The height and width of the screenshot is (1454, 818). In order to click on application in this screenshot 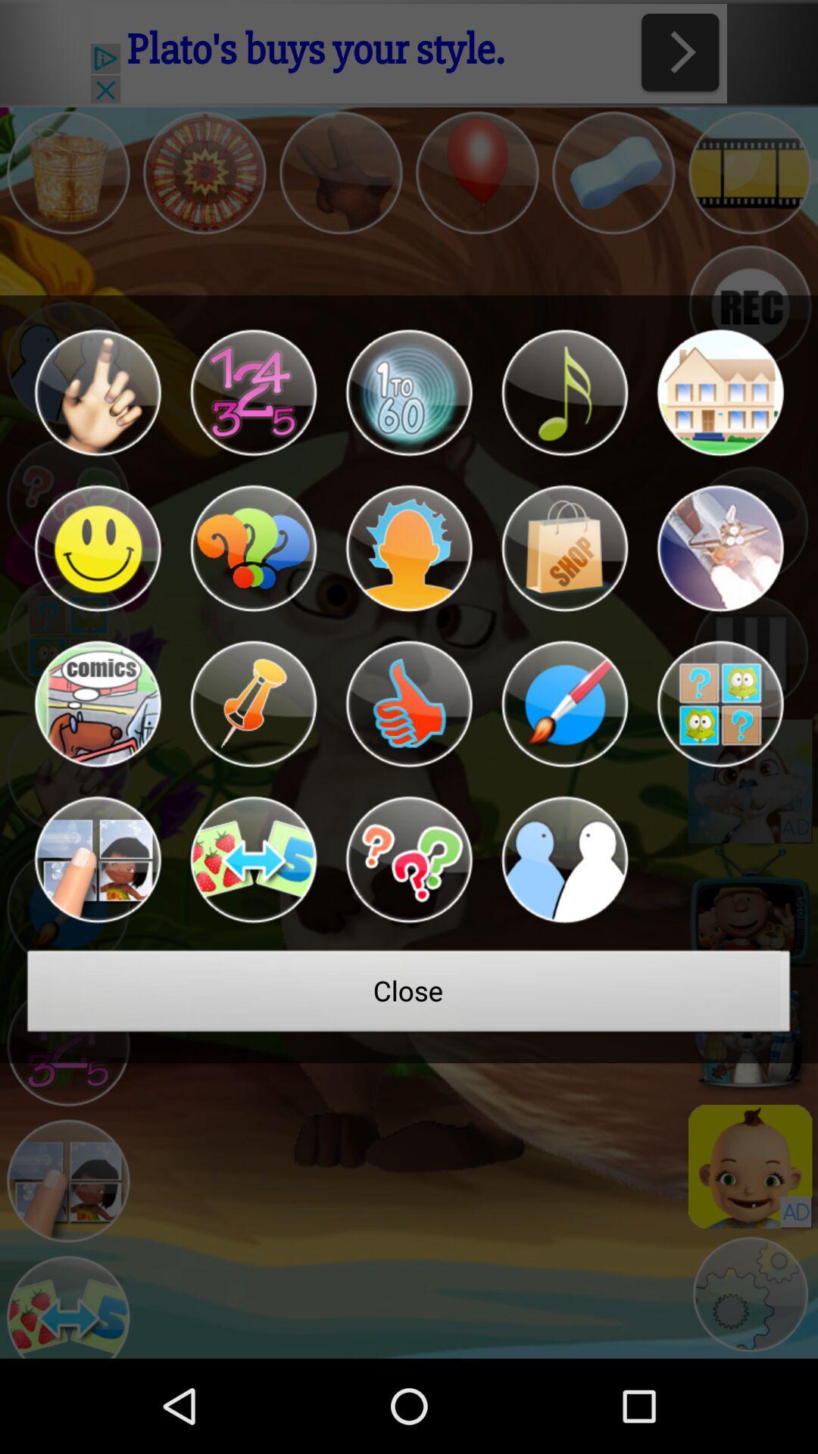, I will do `click(97, 704)`.